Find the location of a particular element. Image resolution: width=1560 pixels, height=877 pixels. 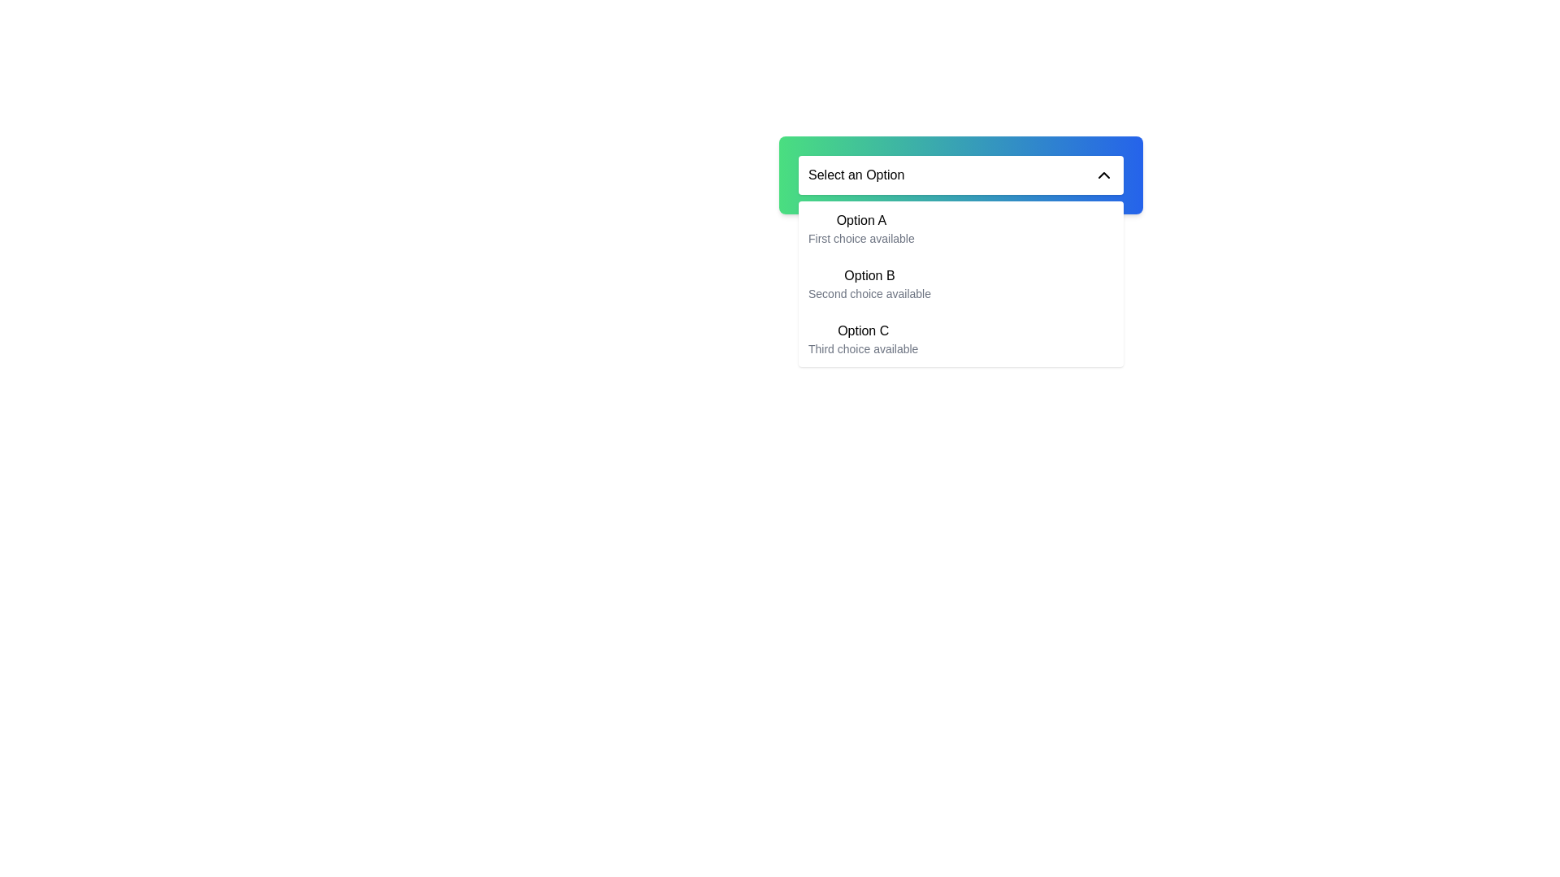

the descriptive subtitle text label for 'Option A' located below the 'Option A' text in the dropdown menu is located at coordinates (860, 238).